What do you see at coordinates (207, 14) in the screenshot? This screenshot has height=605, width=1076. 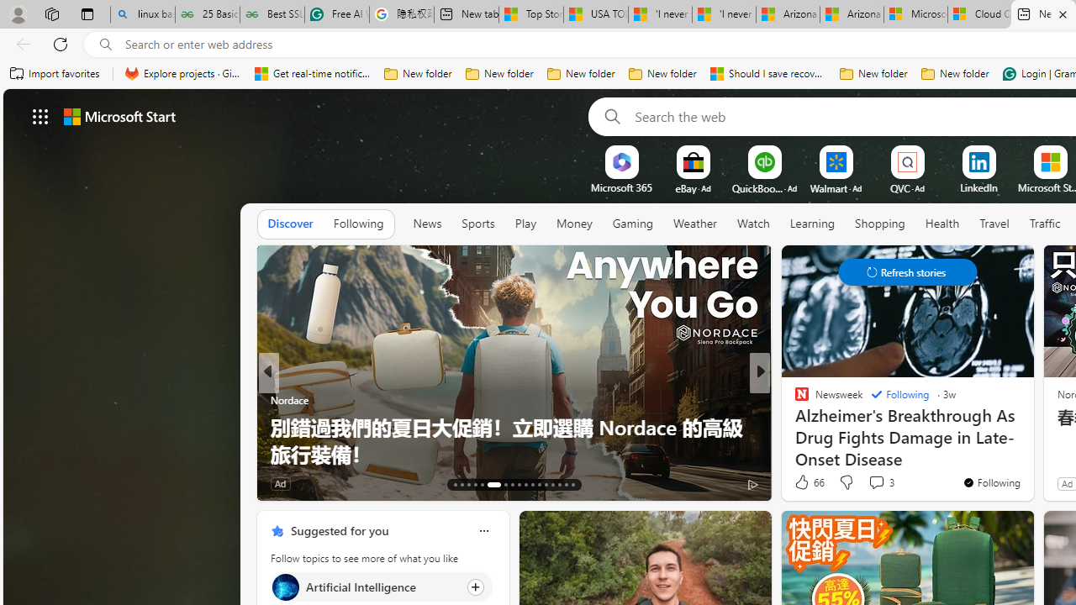 I see `'25 Basic Linux Commands For Beginners - GeeksforGeeks'` at bounding box center [207, 14].